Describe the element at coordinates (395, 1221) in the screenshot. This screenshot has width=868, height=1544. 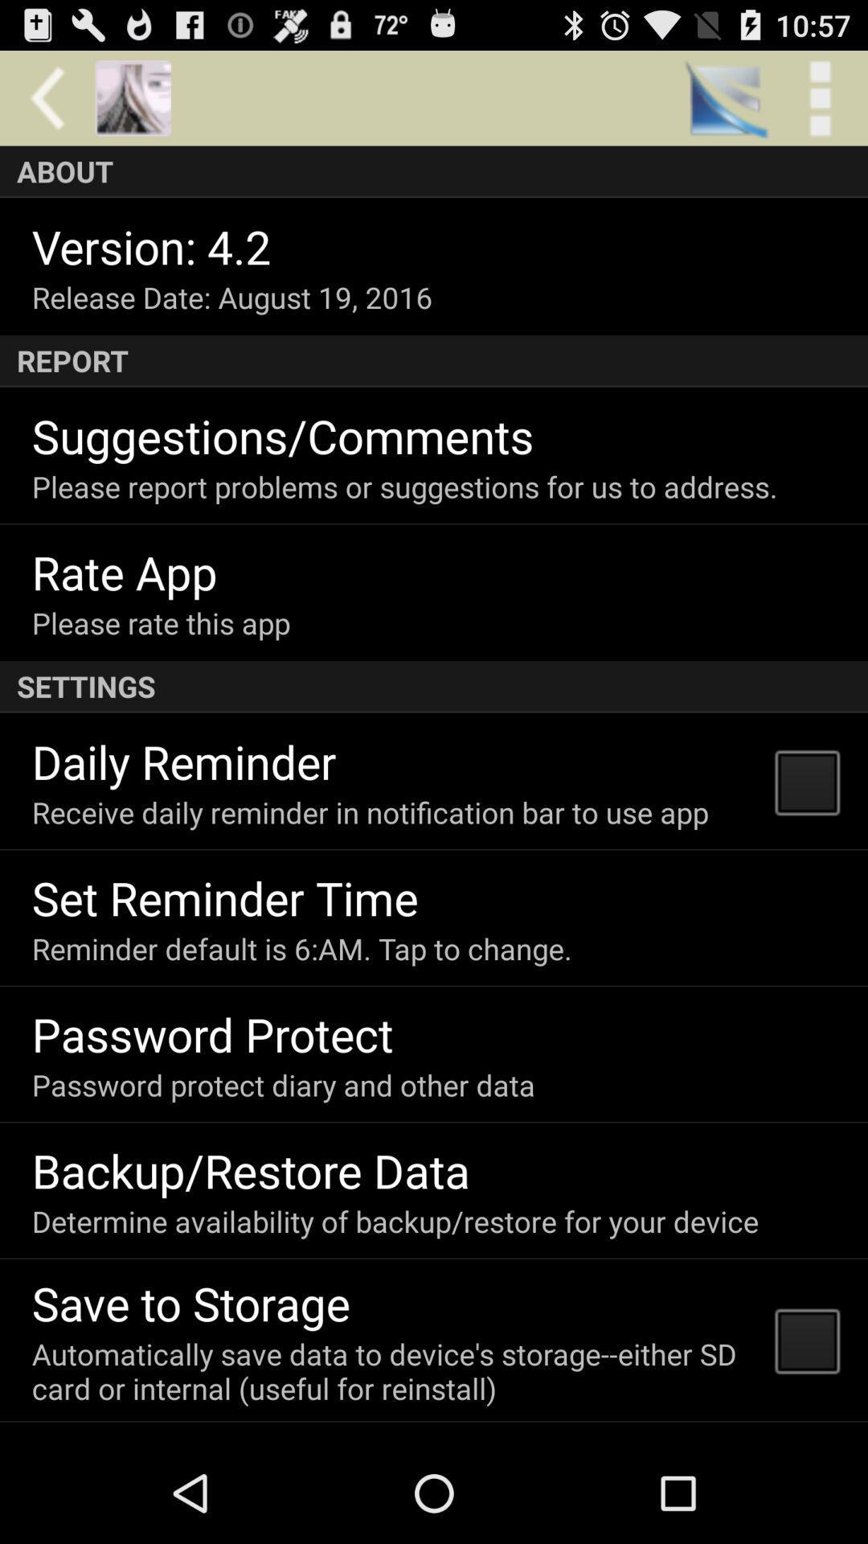
I see `item below the backup/restore data` at that location.